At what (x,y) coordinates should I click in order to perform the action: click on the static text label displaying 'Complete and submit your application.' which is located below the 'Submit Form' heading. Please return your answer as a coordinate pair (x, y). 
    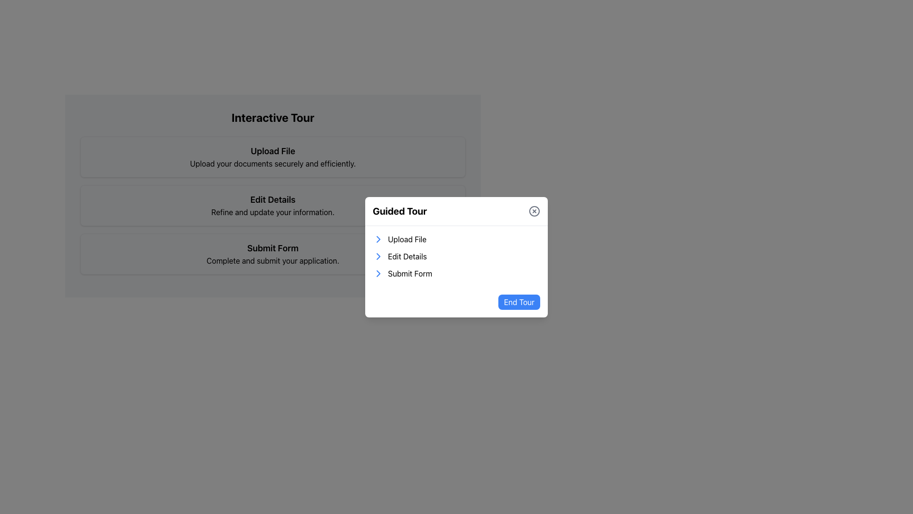
    Looking at the image, I should click on (272, 260).